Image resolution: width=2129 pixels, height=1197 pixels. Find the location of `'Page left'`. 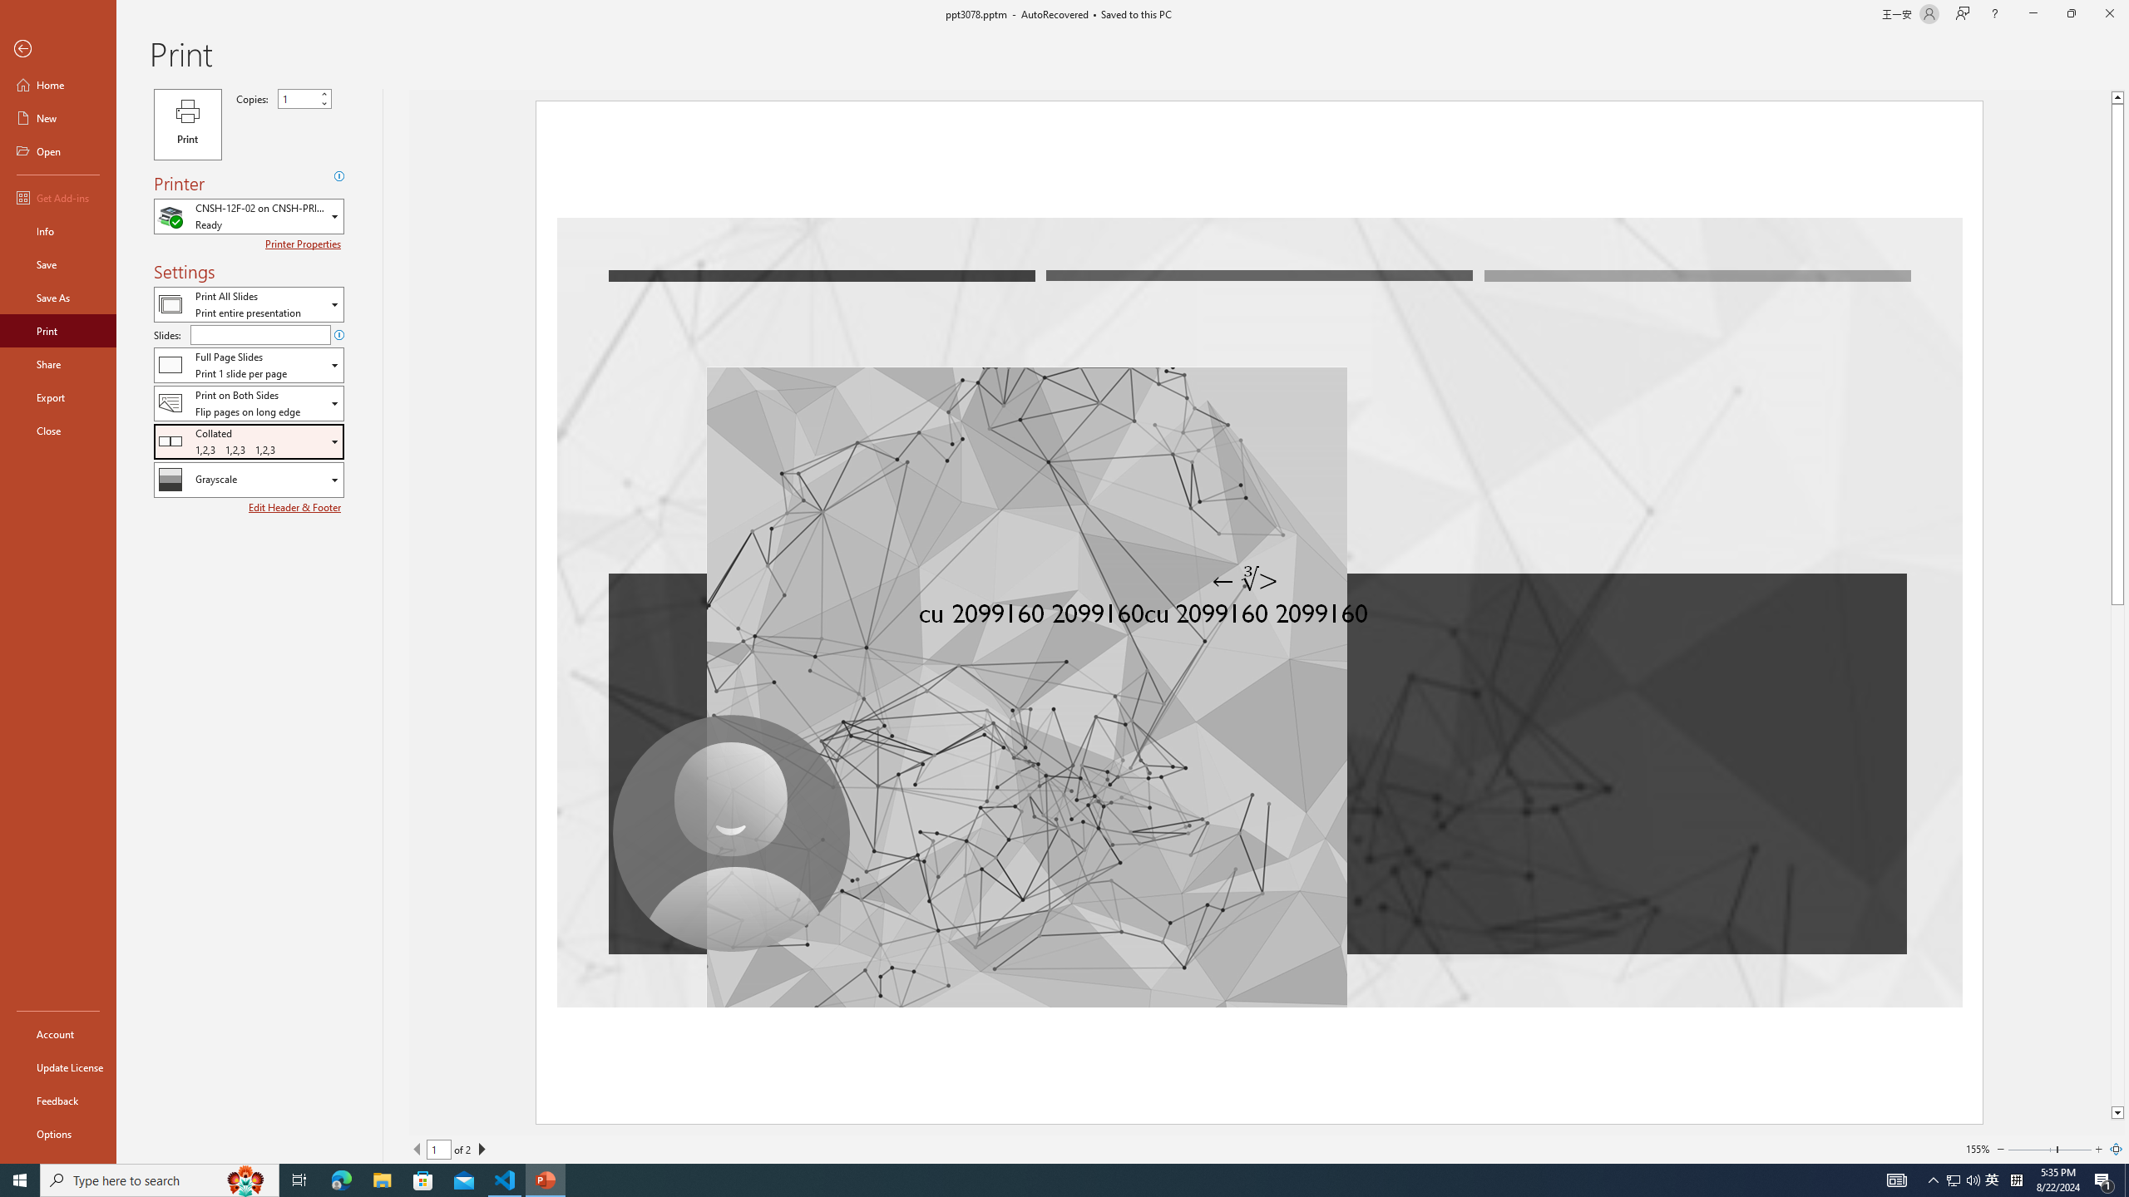

'Page left' is located at coordinates (2031, 1149).